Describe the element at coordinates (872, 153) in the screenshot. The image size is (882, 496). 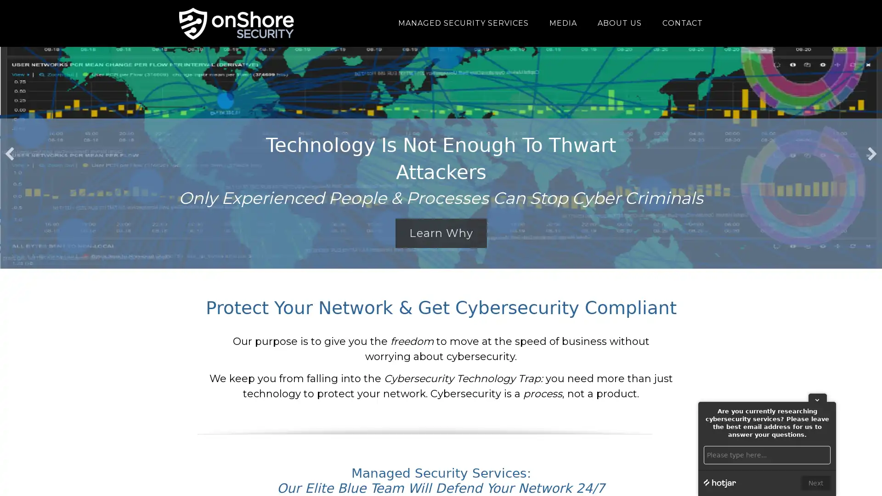
I see `next` at that location.